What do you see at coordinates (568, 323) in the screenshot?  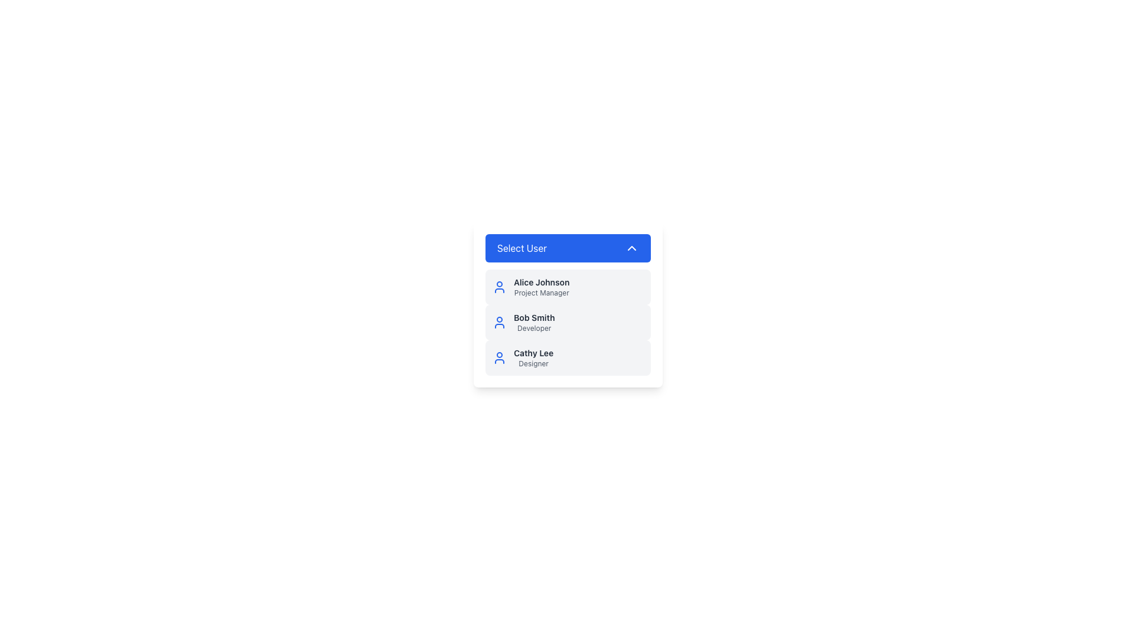 I see `the user profile list item displaying the name 'Bob Smith'` at bounding box center [568, 323].